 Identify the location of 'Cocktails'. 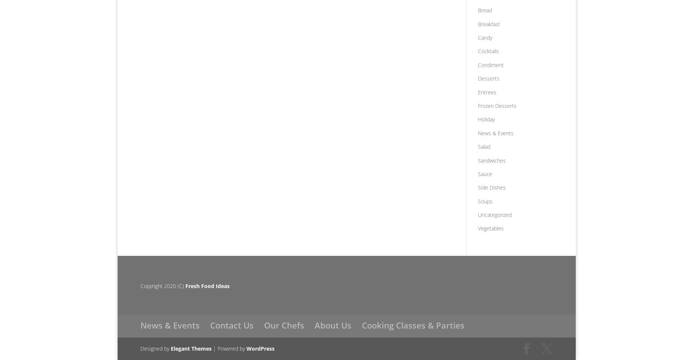
(487, 51).